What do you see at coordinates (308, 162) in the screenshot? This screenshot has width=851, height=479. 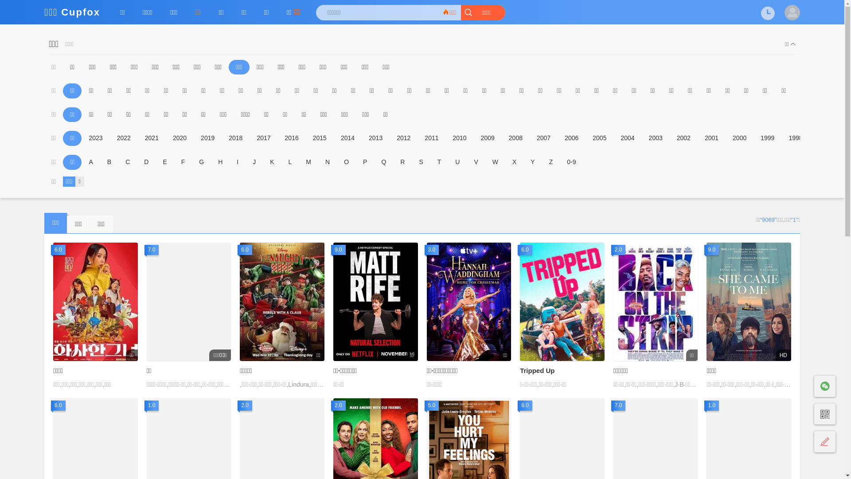 I see `'M'` at bounding box center [308, 162].